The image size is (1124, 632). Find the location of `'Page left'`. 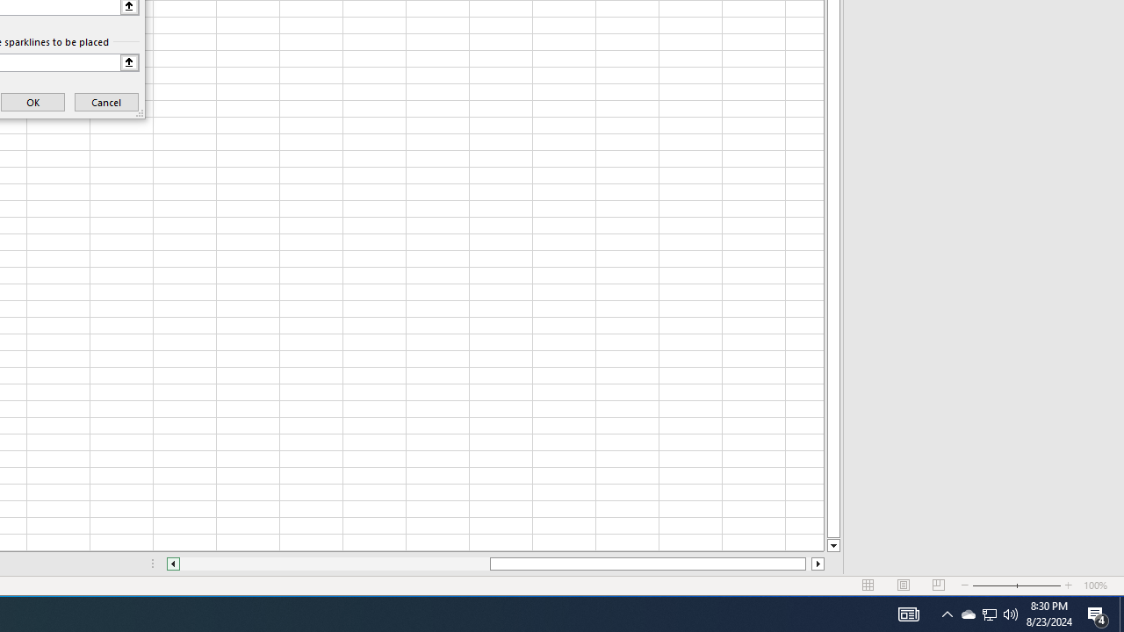

'Page left' is located at coordinates (335, 564).